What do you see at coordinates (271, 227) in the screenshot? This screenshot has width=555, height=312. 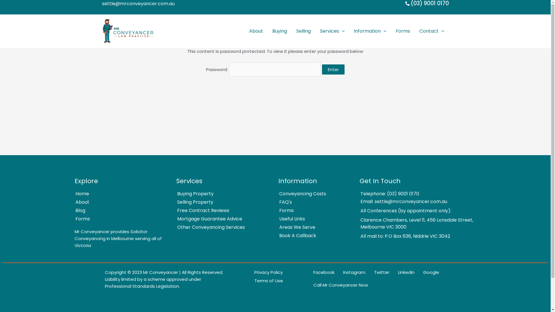 I see `'Areas We Serve'` at bounding box center [271, 227].